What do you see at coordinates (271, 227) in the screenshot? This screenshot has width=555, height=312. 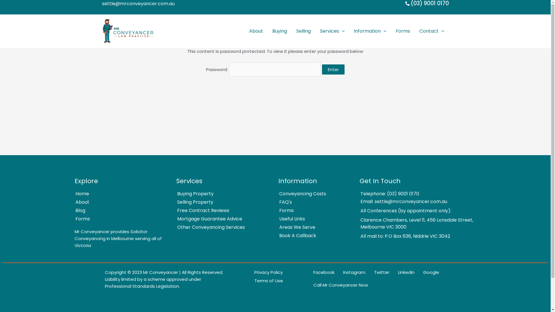 I see `'Areas We Serve'` at bounding box center [271, 227].